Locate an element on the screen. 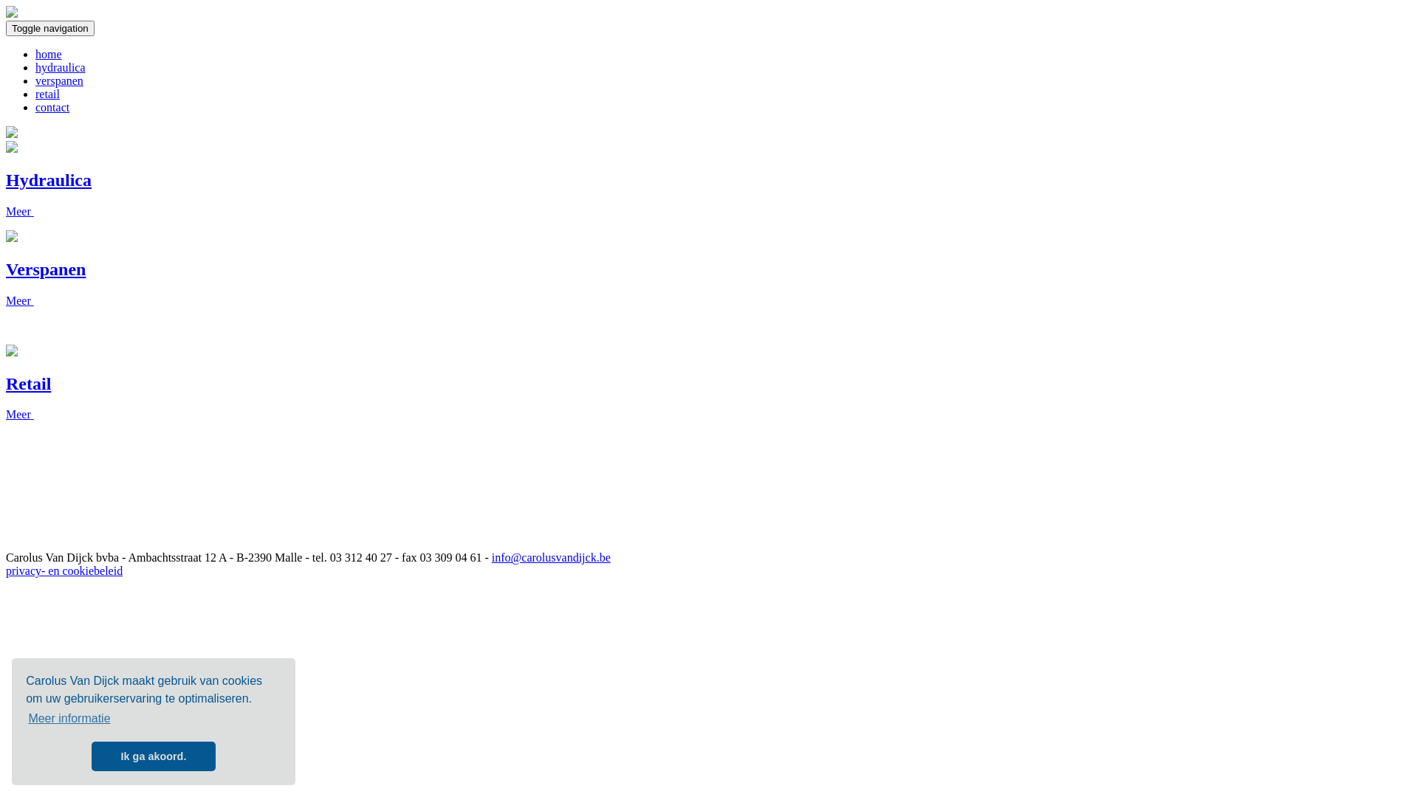 This screenshot has height=797, width=1418. 'Meer ' is located at coordinates (20, 300).